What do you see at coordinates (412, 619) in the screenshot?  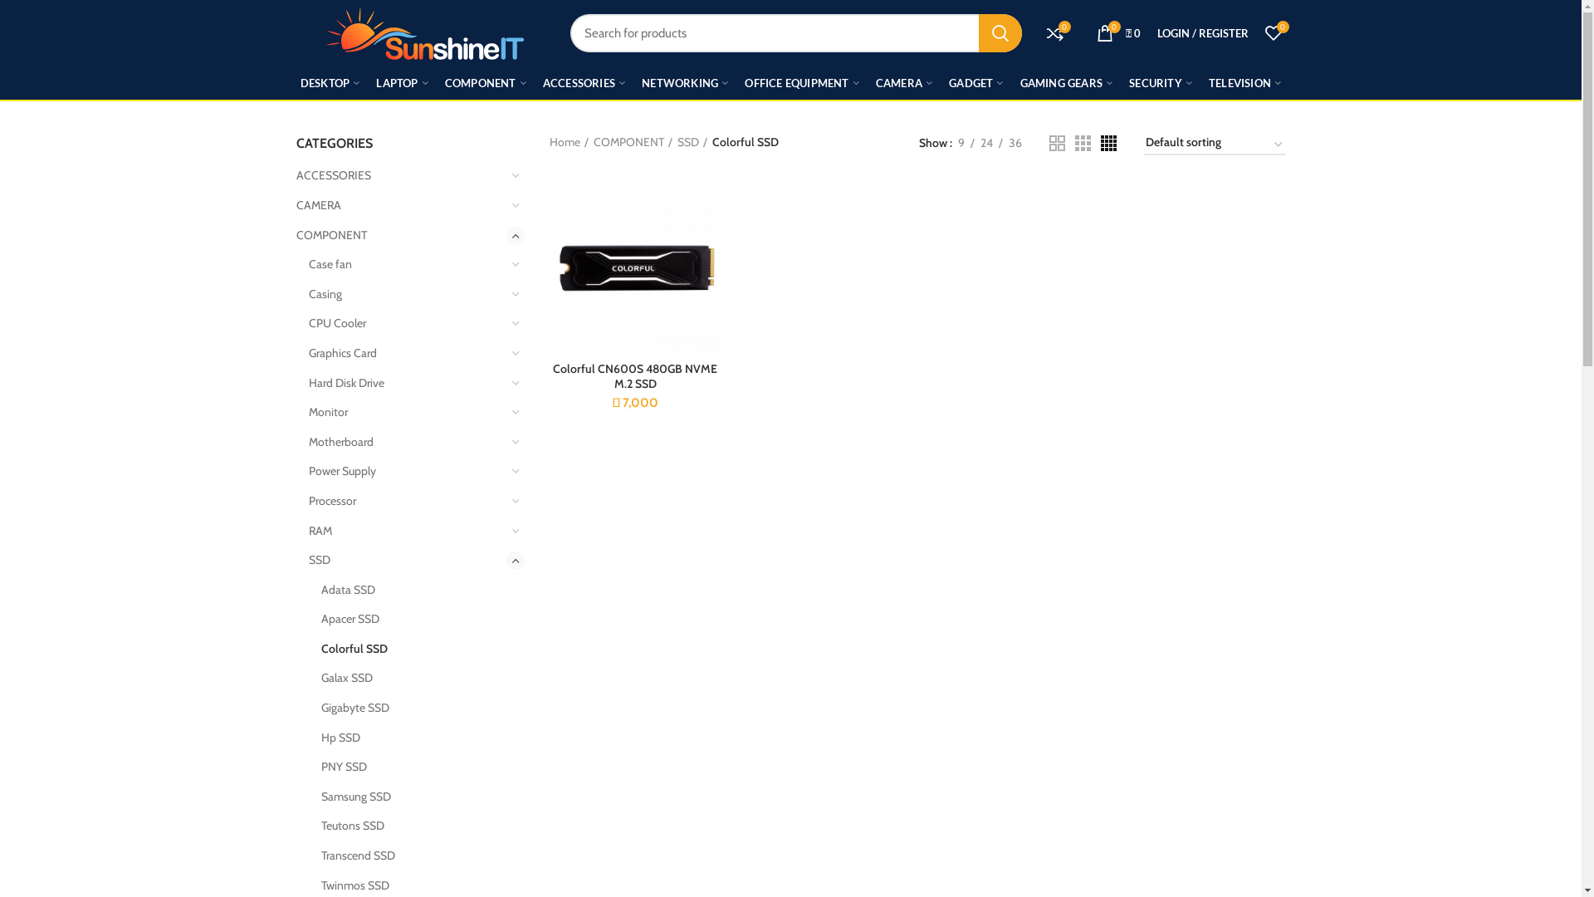 I see `'Apacer SSD'` at bounding box center [412, 619].